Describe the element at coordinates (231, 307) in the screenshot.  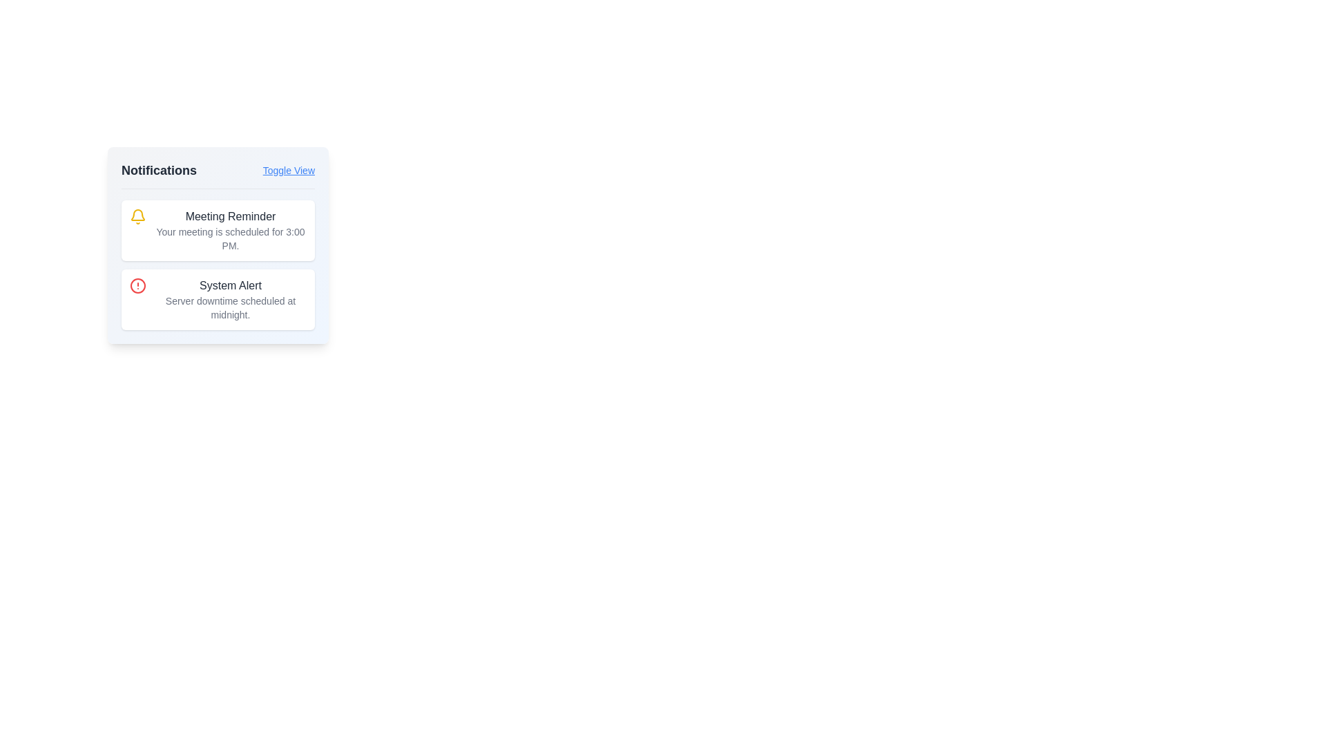
I see `text content of the Text block located beneath the title 'System Alert' in the second notification card` at that location.